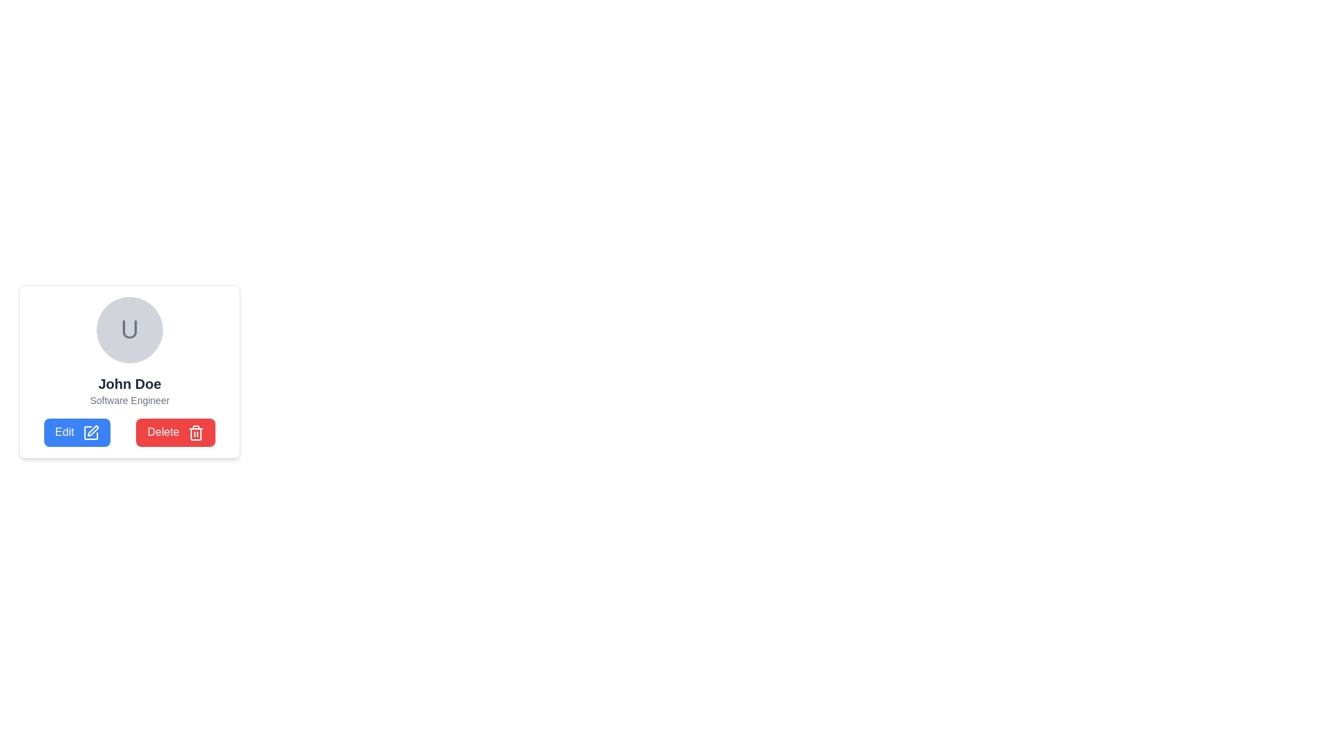  Describe the element at coordinates (129, 330) in the screenshot. I see `the circular gray avatar placeholder with the letter 'U' in dark gray, located at the top of the card UI containing the person's information` at that location.